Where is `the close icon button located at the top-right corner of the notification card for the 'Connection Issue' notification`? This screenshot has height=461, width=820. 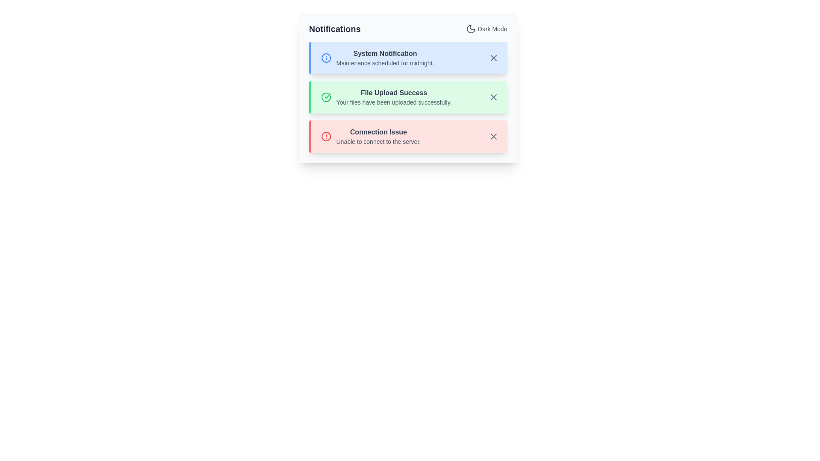
the close icon button located at the top-right corner of the notification card for the 'Connection Issue' notification is located at coordinates (493, 136).